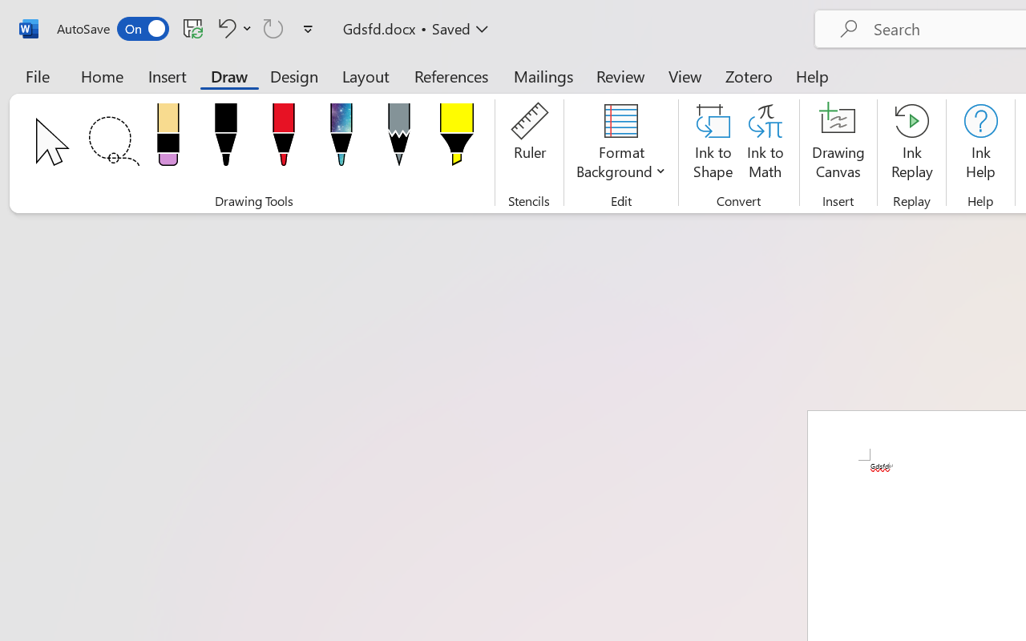 The height and width of the screenshot is (641, 1026). Describe the element at coordinates (764, 143) in the screenshot. I see `'Ink to Math'` at that location.